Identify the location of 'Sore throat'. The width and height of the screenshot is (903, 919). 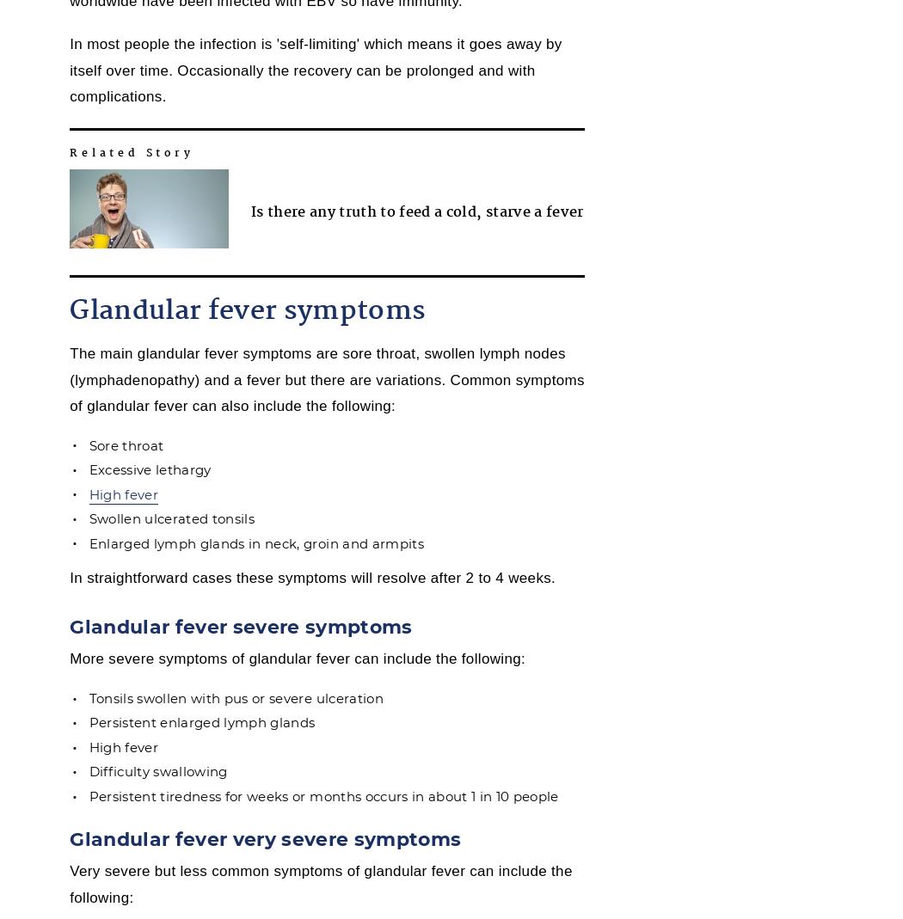
(125, 444).